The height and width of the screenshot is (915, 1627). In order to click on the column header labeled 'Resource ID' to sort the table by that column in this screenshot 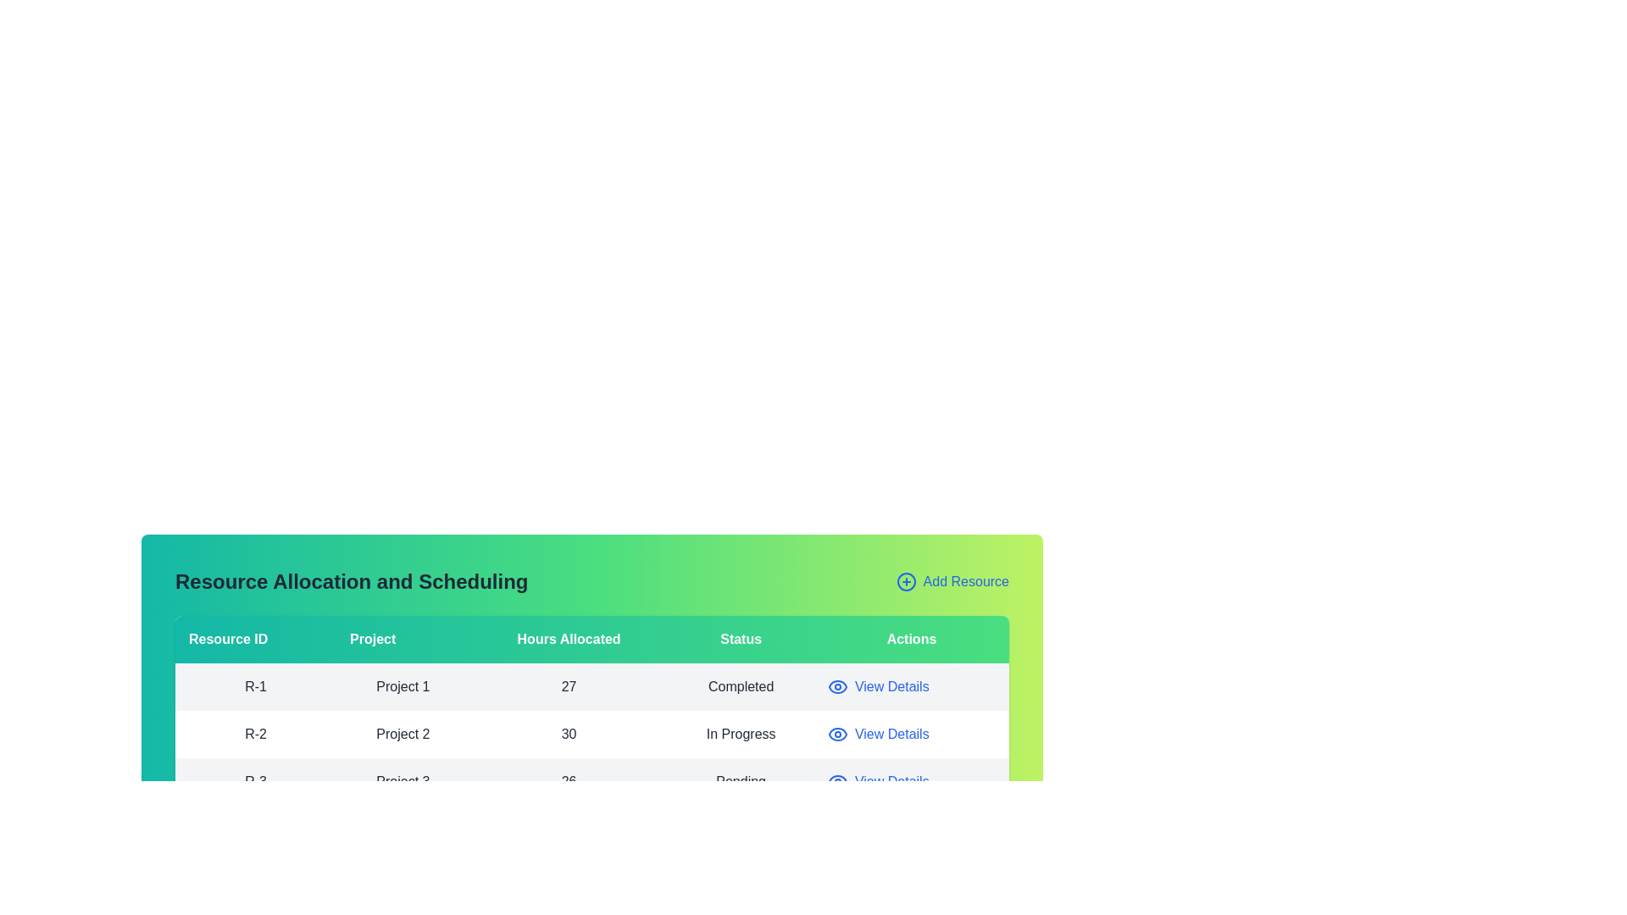, I will do `click(255, 640)`.